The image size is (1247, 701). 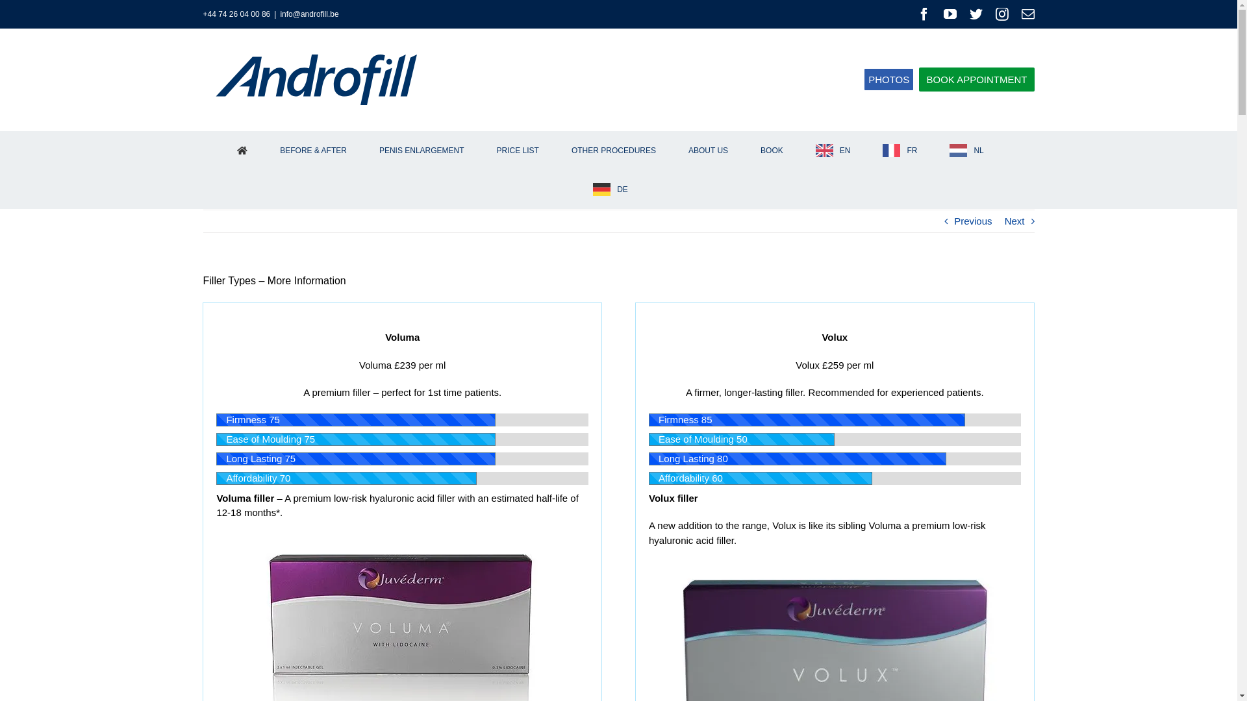 What do you see at coordinates (833, 149) in the screenshot?
I see `'EN'` at bounding box center [833, 149].